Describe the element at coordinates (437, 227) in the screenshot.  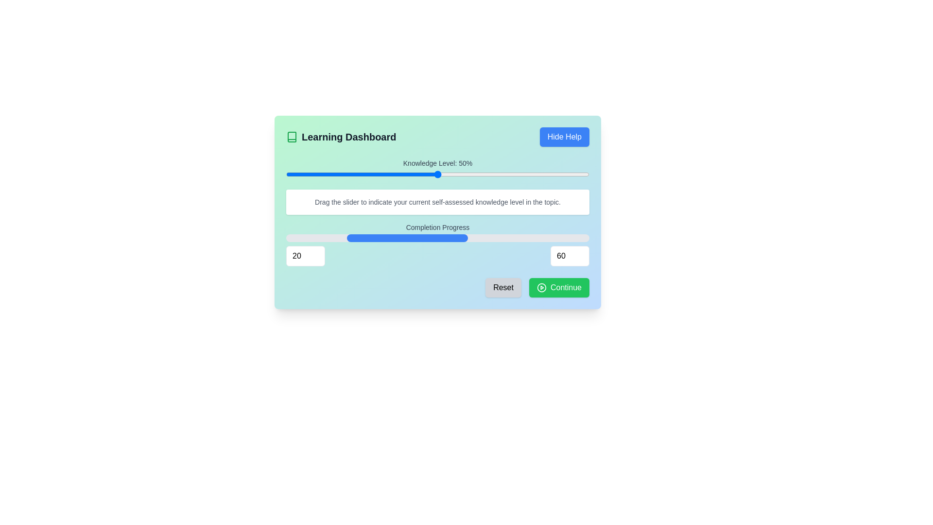
I see `the 'Completion Progress' text label` at that location.